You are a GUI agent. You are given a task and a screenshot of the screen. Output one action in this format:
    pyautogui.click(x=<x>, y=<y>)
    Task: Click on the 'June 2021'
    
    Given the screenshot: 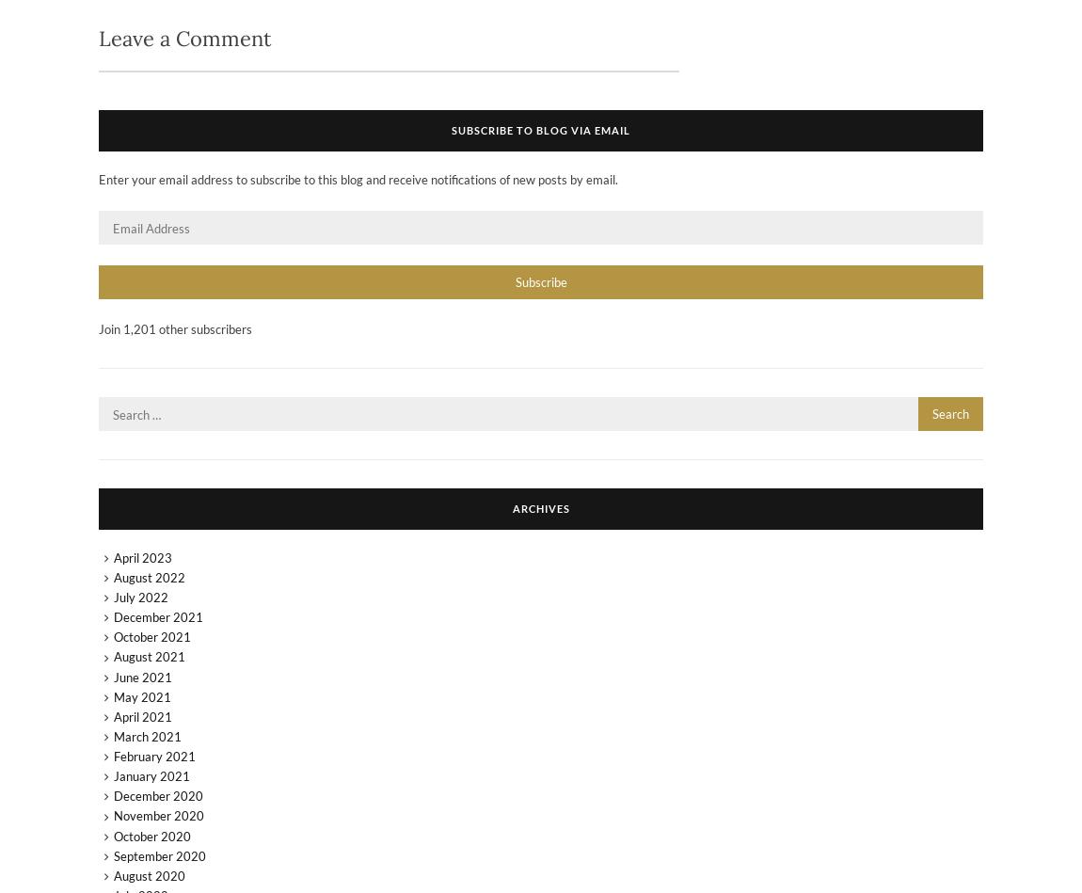 What is the action you would take?
    pyautogui.click(x=140, y=676)
    